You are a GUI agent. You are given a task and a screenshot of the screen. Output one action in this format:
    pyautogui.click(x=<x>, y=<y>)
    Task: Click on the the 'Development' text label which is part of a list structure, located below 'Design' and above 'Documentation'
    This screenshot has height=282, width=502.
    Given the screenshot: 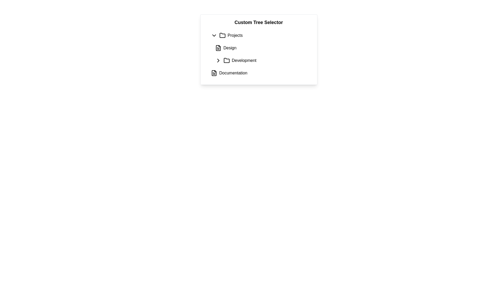 What is the action you would take?
    pyautogui.click(x=244, y=60)
    